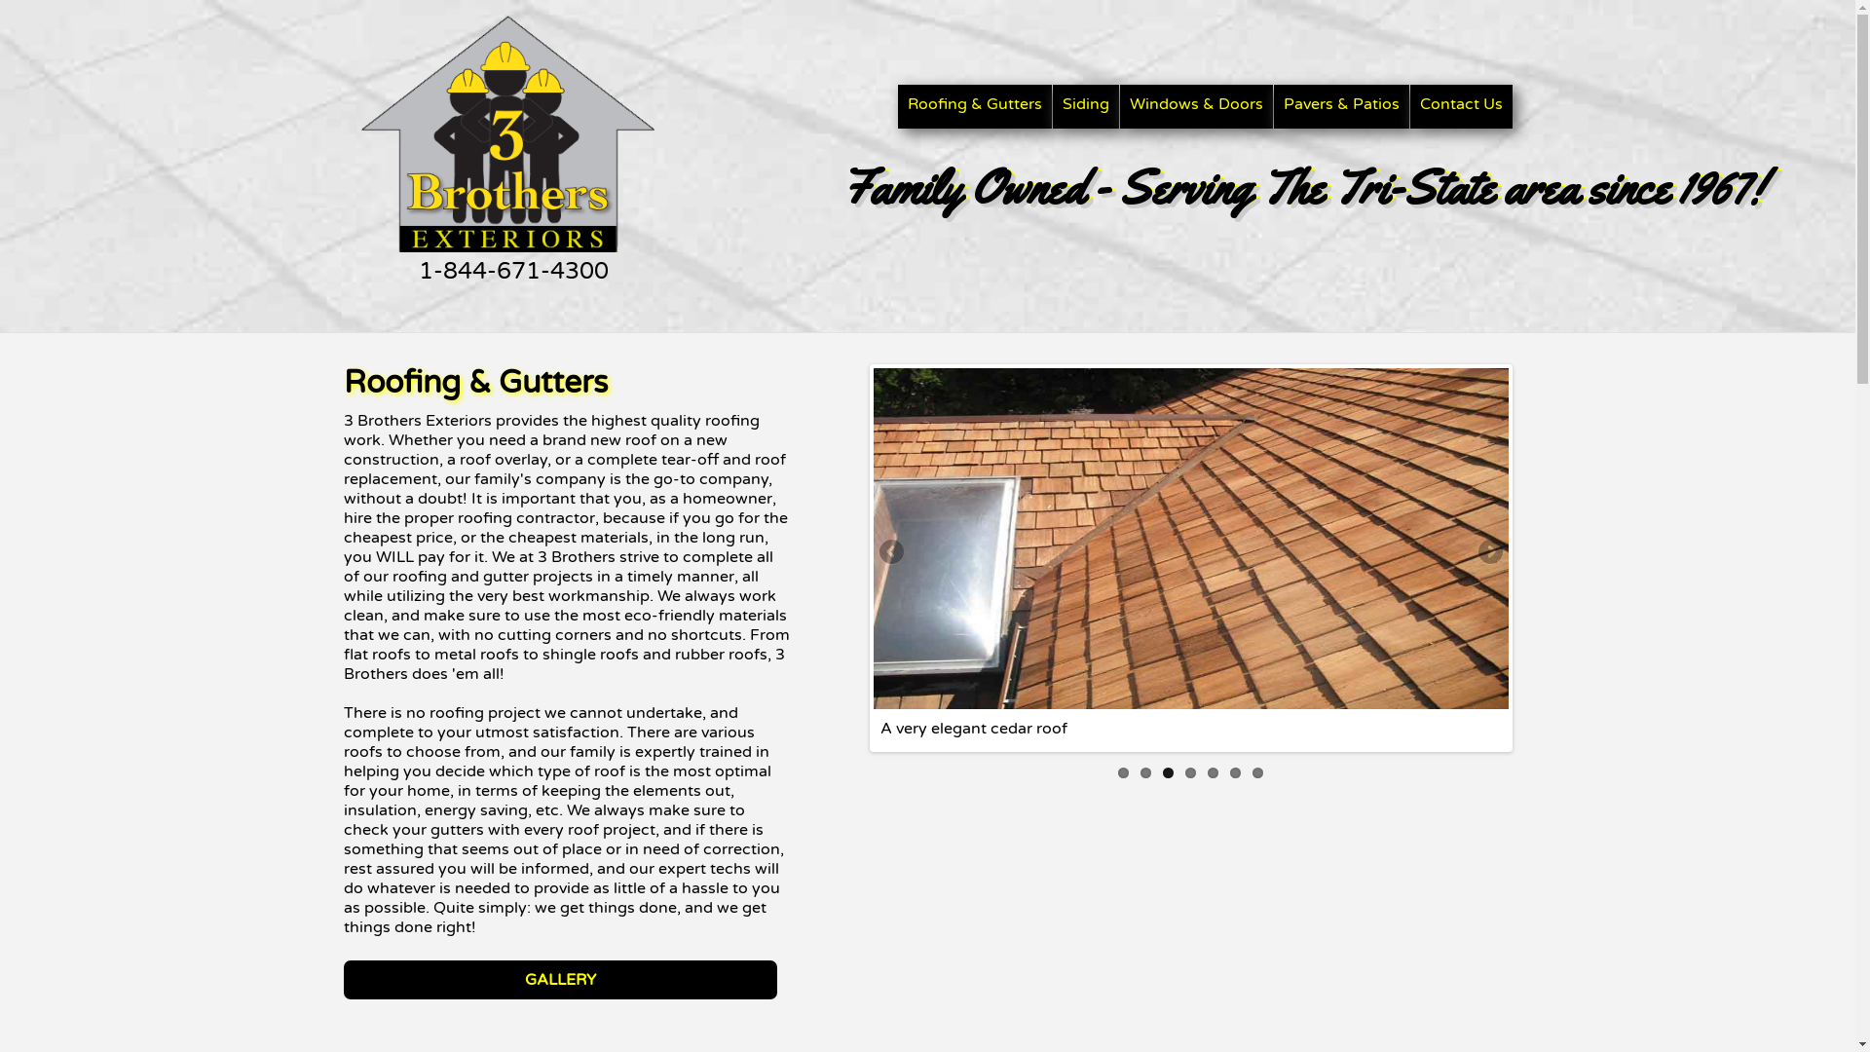 The height and width of the screenshot is (1052, 1870). Describe the element at coordinates (1195, 106) in the screenshot. I see `'Windows & Doors'` at that location.